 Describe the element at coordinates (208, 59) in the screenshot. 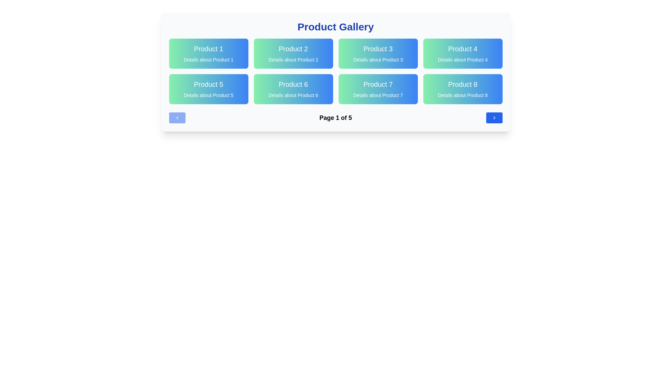

I see `the static text label that provides descriptive information about 'Product 1', located at the bottom part of the product card in the first cell of the first row` at that location.